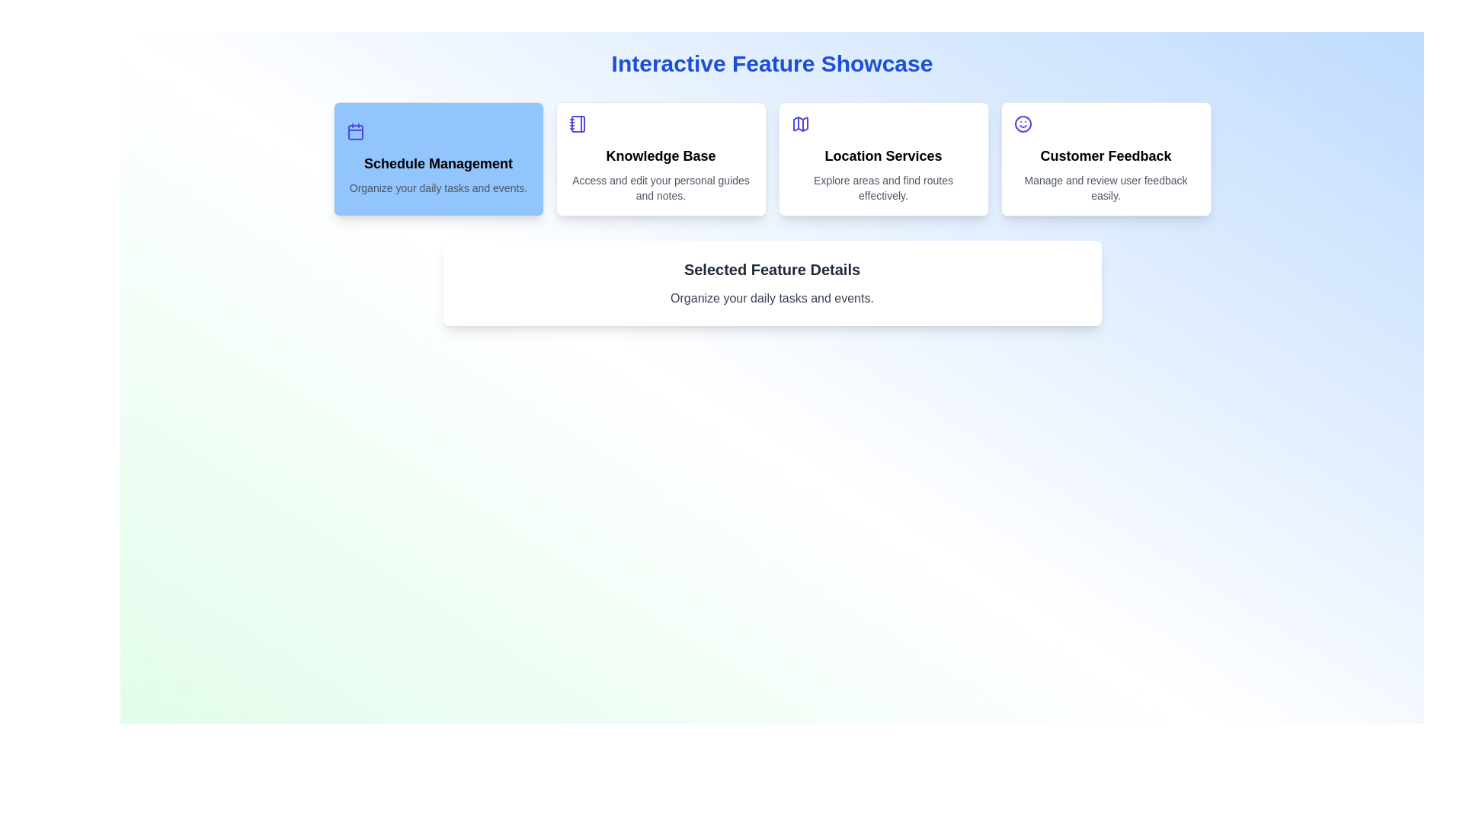 The image size is (1463, 823). What do you see at coordinates (577, 123) in the screenshot?
I see `the Icon subcomponent, which is a centrally positioned rectangular shape with rounded corners representing part of the notebook icon` at bounding box center [577, 123].